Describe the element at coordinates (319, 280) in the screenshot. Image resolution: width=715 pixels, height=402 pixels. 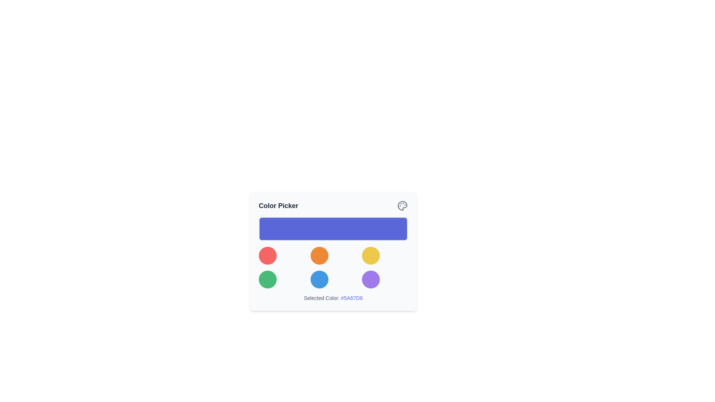
I see `the central button in the bottom row of the 3x2 grid layout in the 'Color Picker' interface` at that location.